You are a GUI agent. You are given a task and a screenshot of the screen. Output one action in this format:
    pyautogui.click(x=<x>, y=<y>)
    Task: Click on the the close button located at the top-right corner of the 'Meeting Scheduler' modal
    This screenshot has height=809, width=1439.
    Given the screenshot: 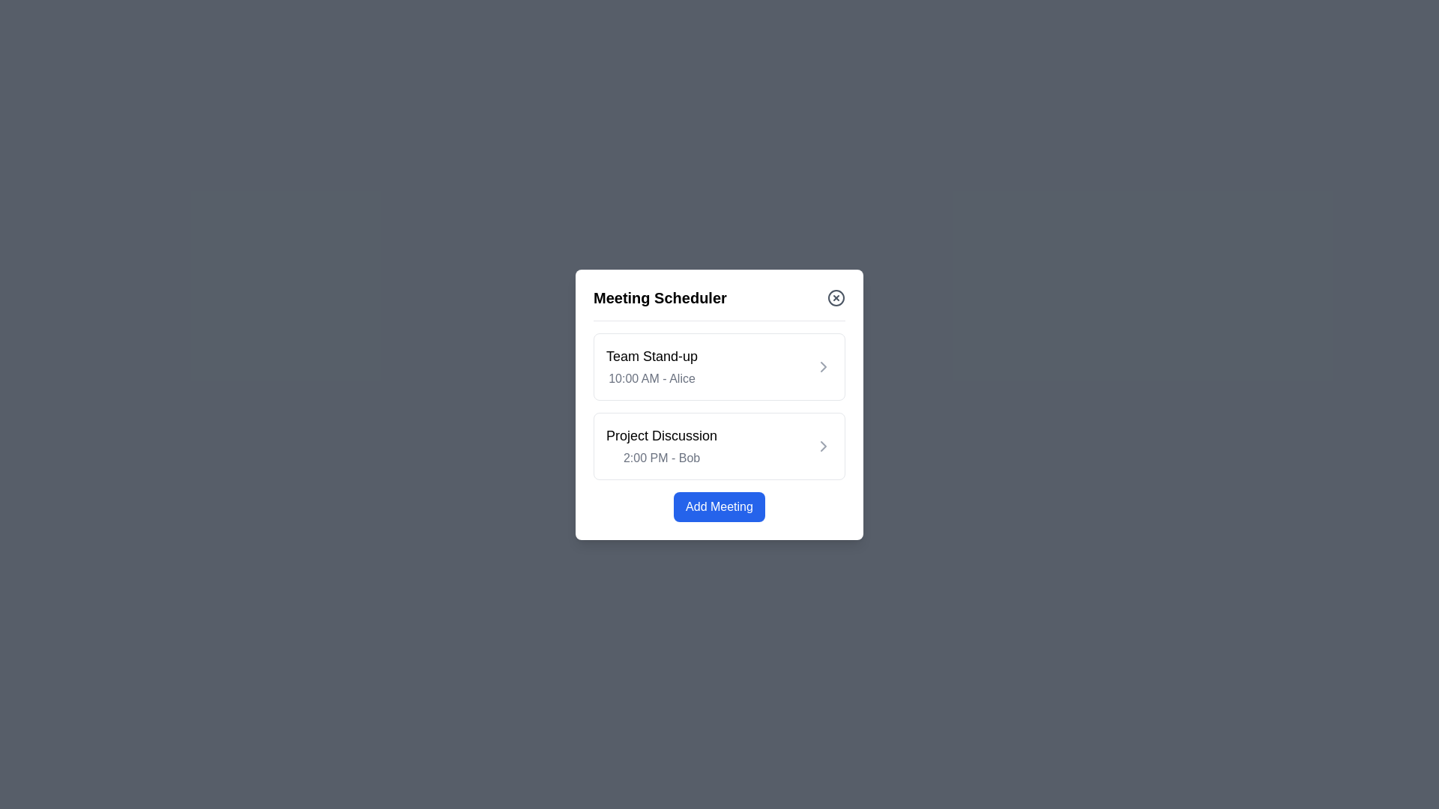 What is the action you would take?
    pyautogui.click(x=836, y=297)
    